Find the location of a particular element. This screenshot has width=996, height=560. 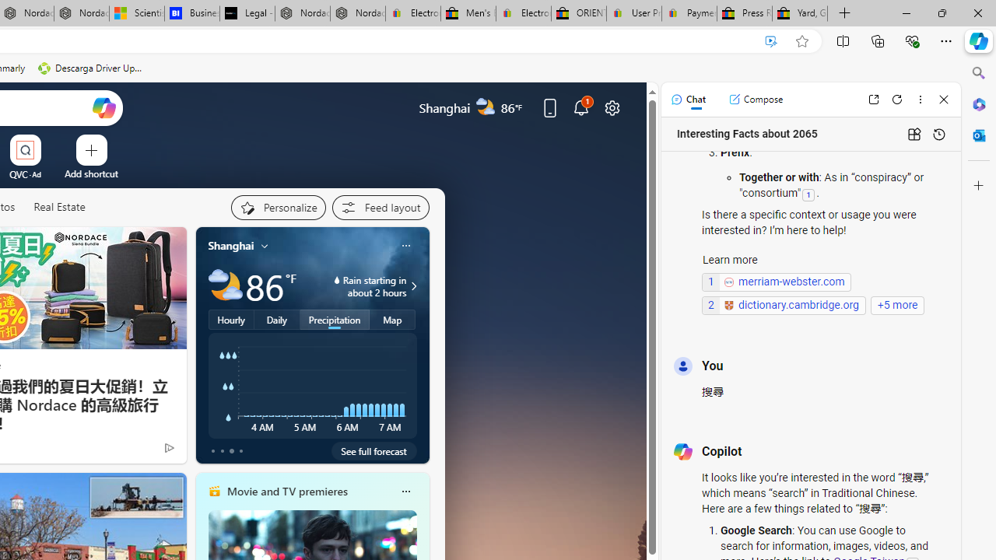

'Compose' is located at coordinates (756, 100).